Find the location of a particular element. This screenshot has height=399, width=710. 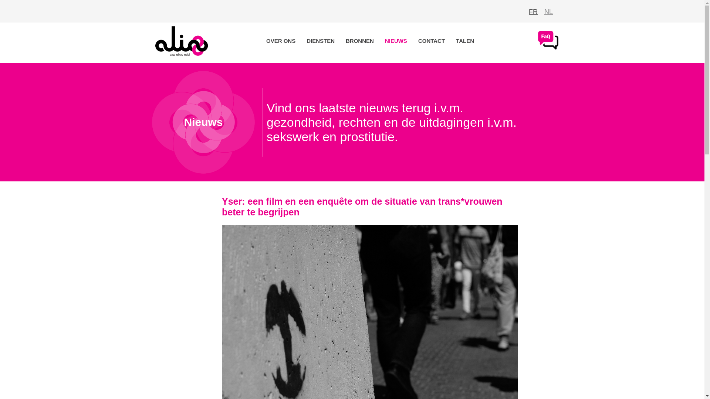

'CONTACT' is located at coordinates (415, 41).